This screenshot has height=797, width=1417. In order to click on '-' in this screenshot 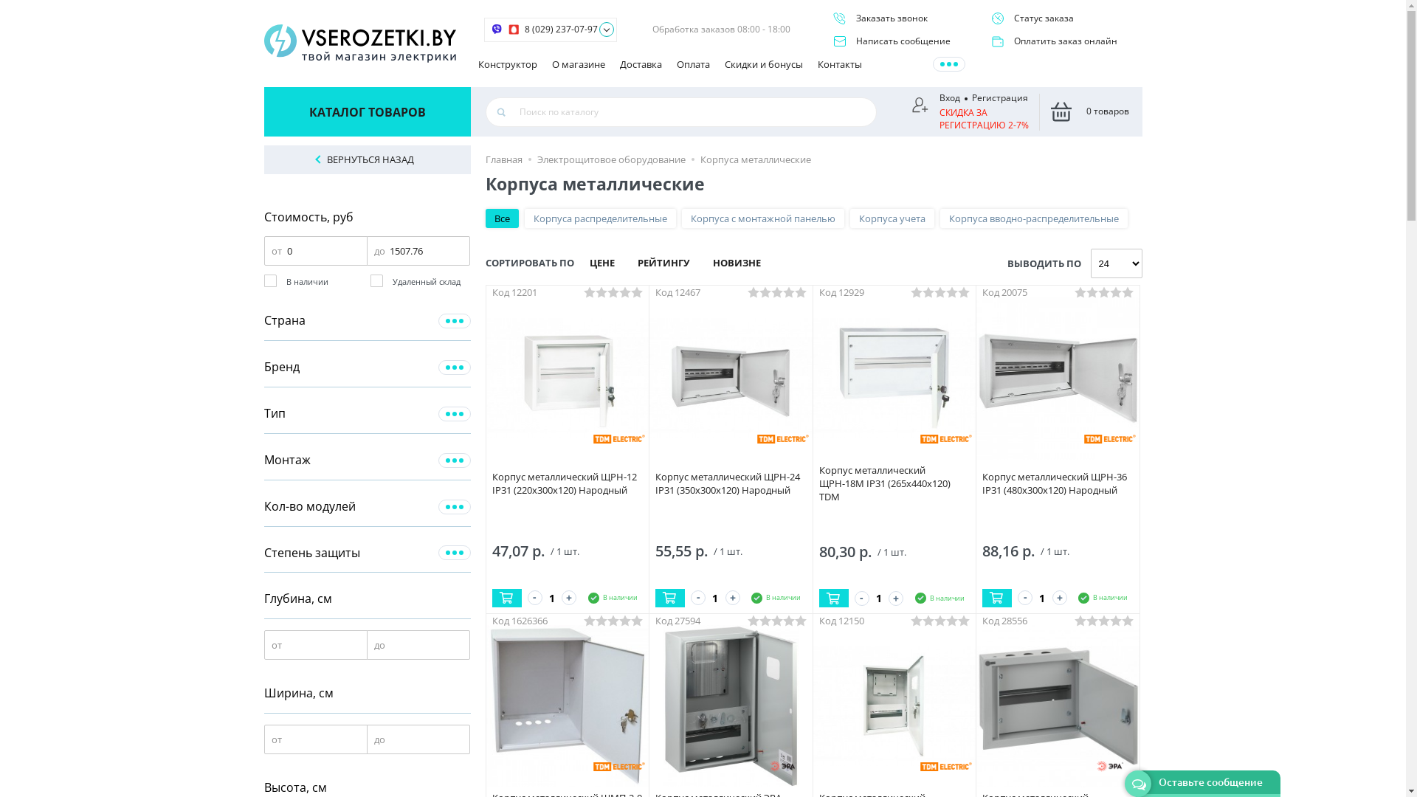, I will do `click(1024, 598)`.